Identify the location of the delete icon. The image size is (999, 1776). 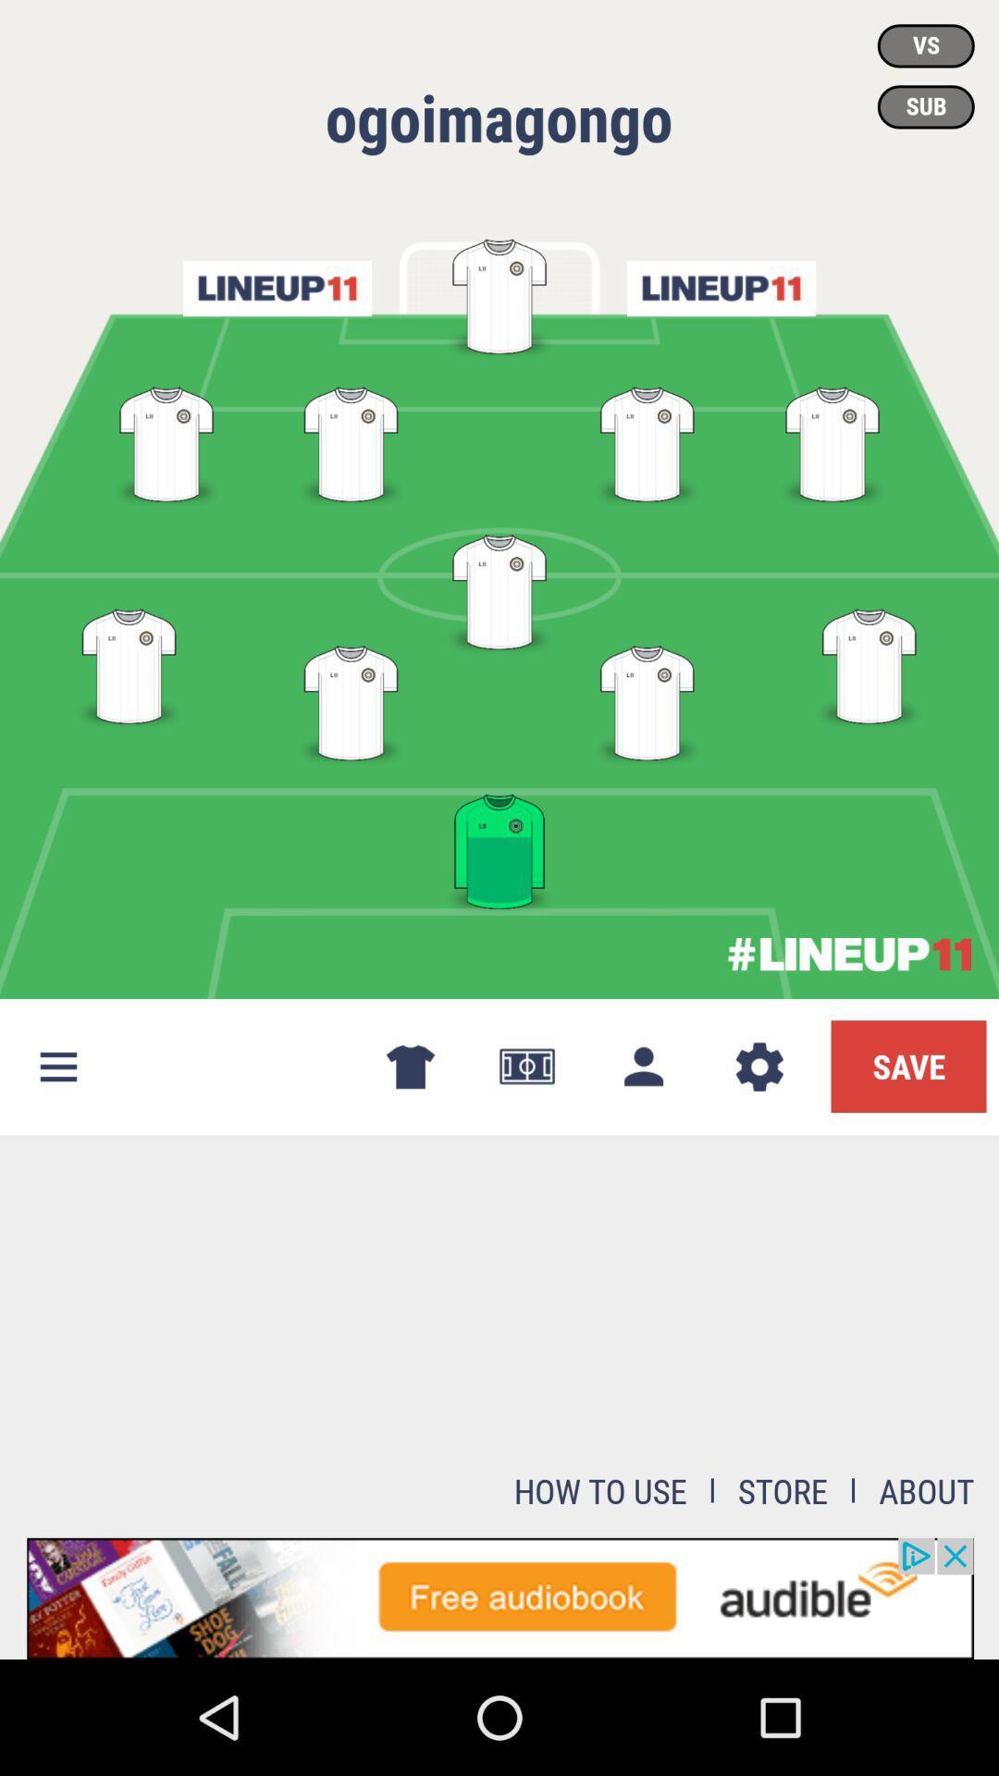
(409, 1067).